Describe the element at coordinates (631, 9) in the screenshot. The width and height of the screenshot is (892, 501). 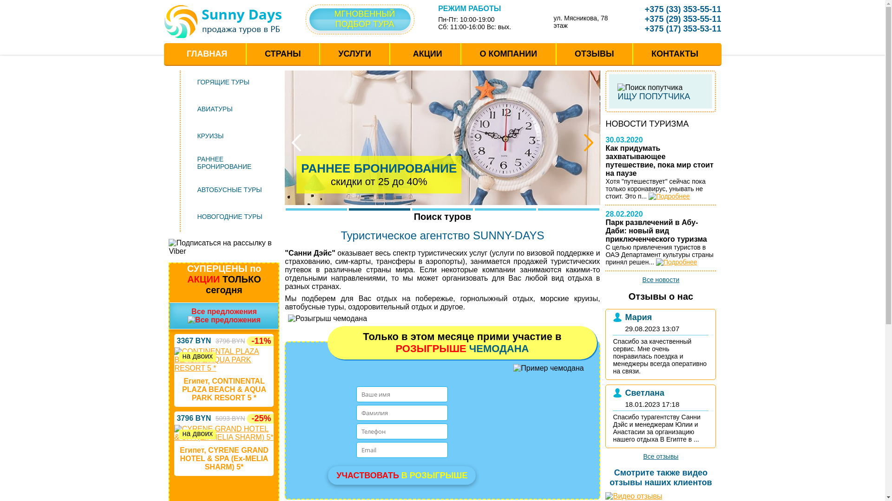
I see `'+375 (33) 353-55-11'` at that location.